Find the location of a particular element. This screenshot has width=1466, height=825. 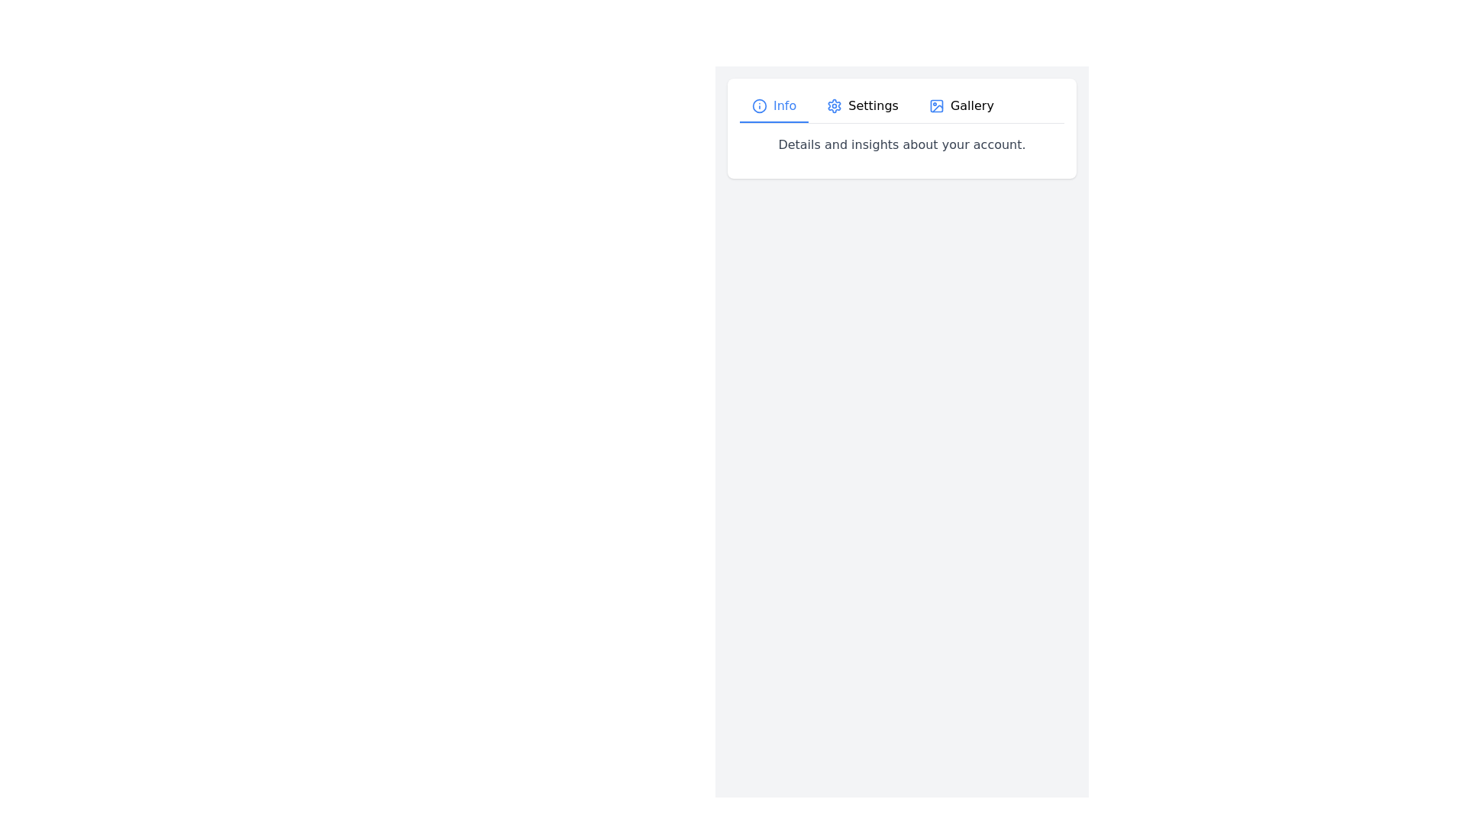

the 'Info' navigation tab, which is the first element in the horizontal navigation bar styled in blue and containing an 'i' icon is located at coordinates (773, 105).